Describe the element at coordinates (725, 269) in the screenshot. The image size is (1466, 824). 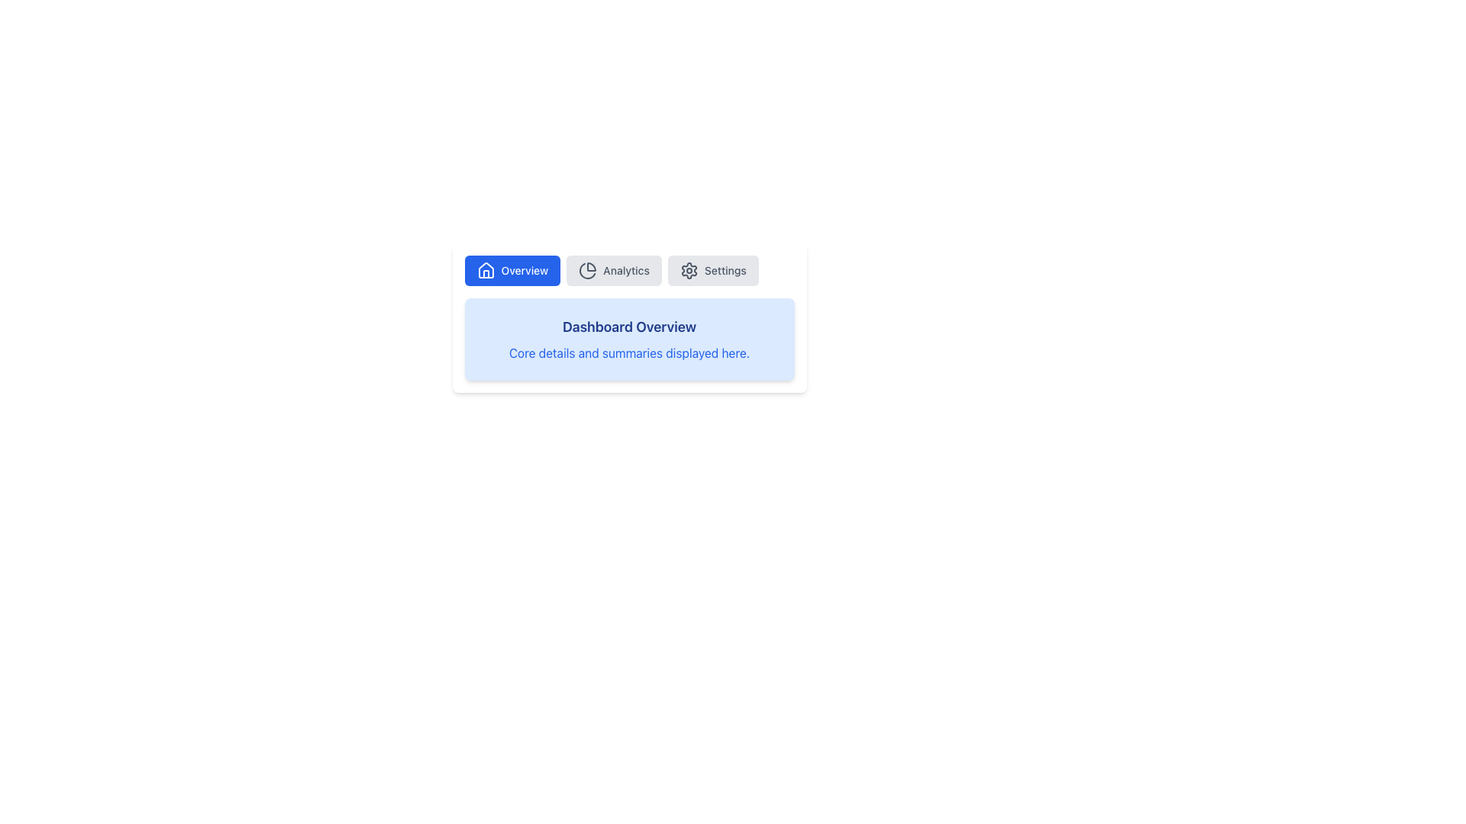
I see `the Text Label within the 'Settings' button, which indicates the button's purpose for navigation or opening a settings menu` at that location.